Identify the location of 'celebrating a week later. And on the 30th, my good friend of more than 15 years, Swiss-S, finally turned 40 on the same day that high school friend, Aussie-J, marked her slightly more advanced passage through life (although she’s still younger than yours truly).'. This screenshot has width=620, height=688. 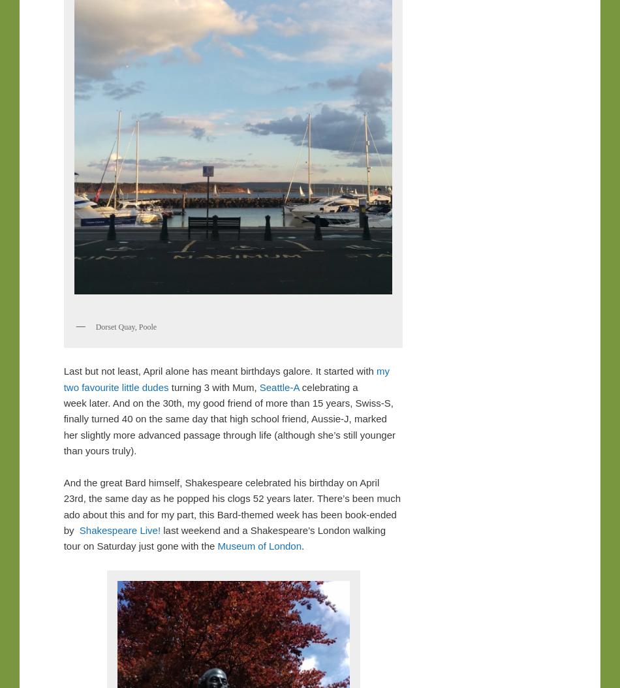
(228, 418).